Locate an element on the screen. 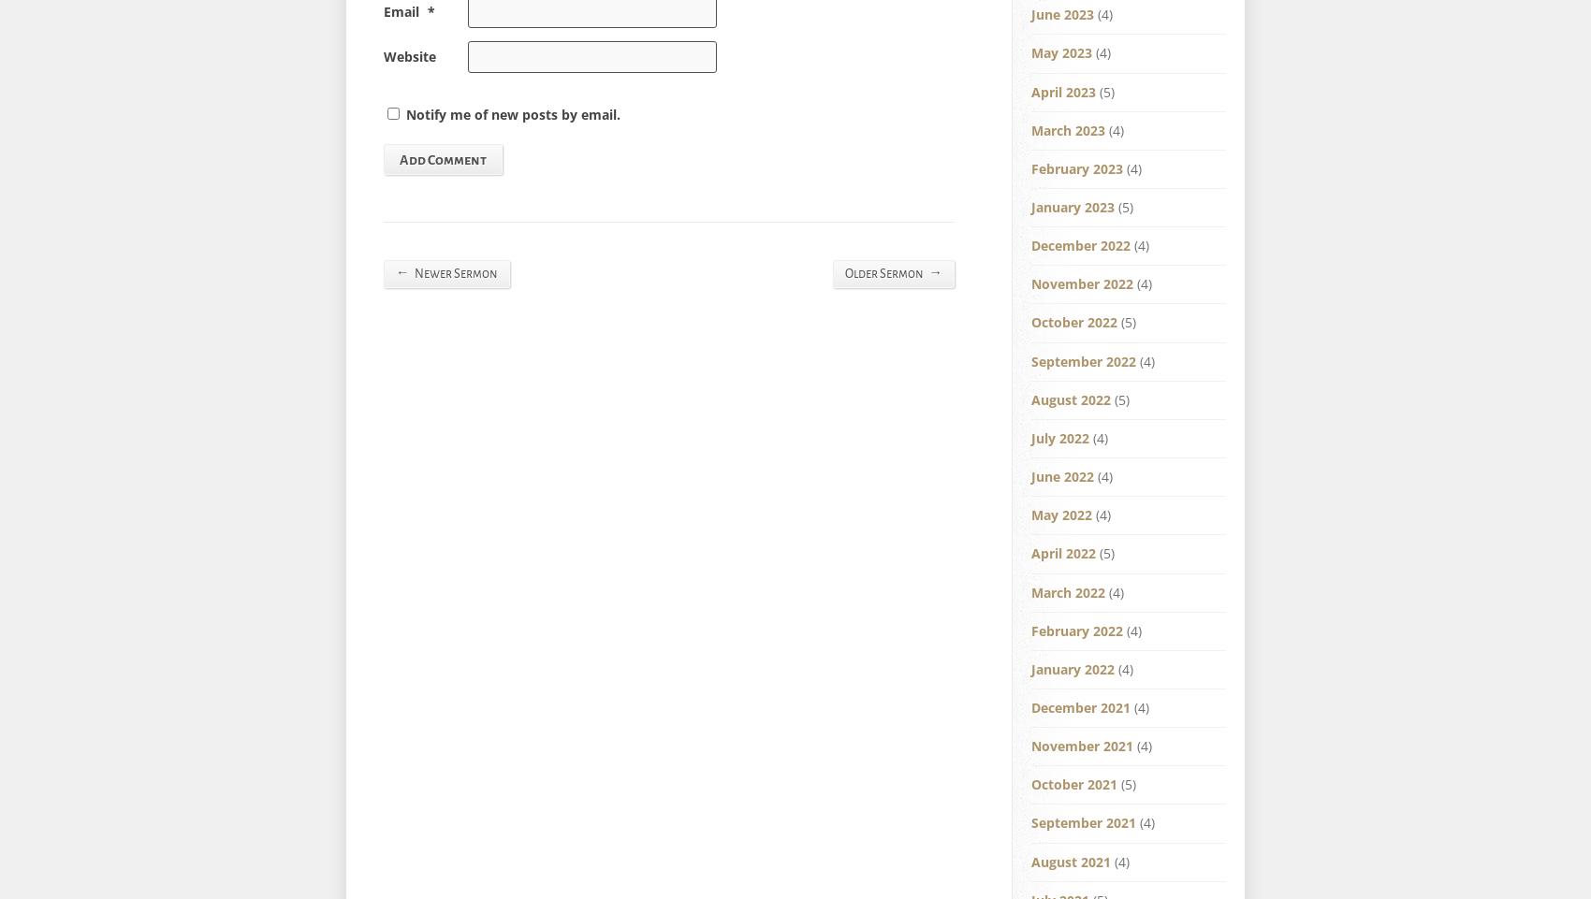 The height and width of the screenshot is (899, 1591). 'March 2022' is located at coordinates (1068, 591).